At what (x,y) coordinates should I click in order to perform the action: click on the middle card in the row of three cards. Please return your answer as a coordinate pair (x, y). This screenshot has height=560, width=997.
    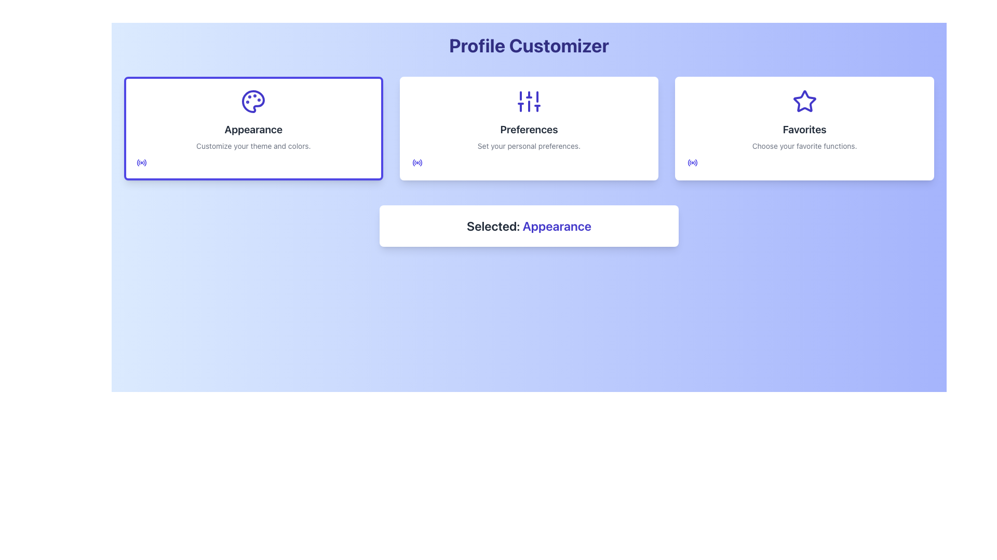
    Looking at the image, I should click on (529, 128).